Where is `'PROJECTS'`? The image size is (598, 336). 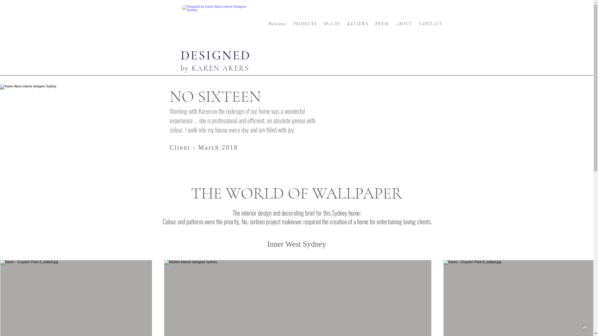
'PROJECTS' is located at coordinates (305, 24).